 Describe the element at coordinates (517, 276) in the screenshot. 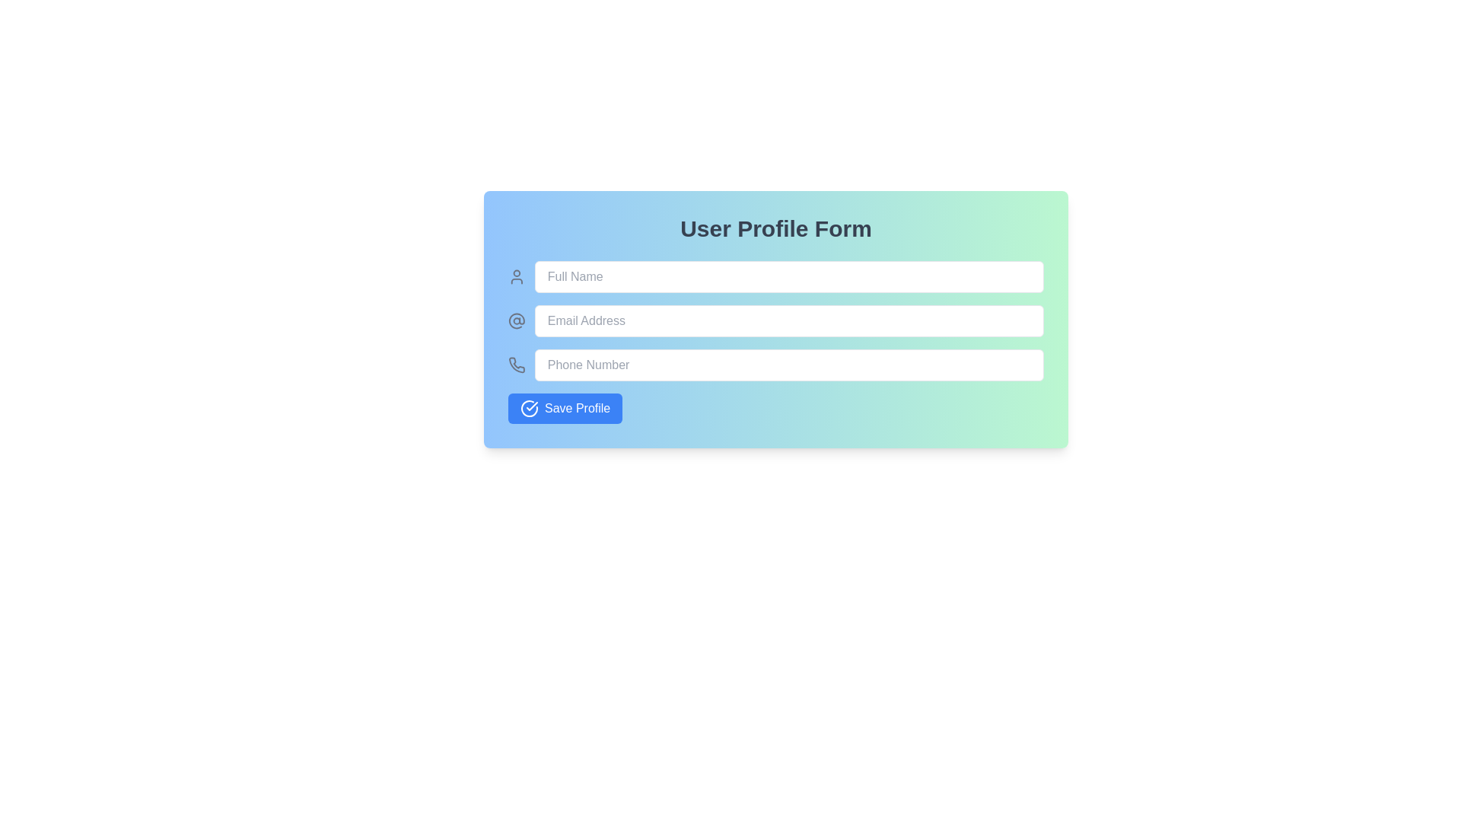

I see `the user icon, which is a simplified outline of a head and shoulders located to the left of the 'Full Name' text field in the User Profile Form` at that location.